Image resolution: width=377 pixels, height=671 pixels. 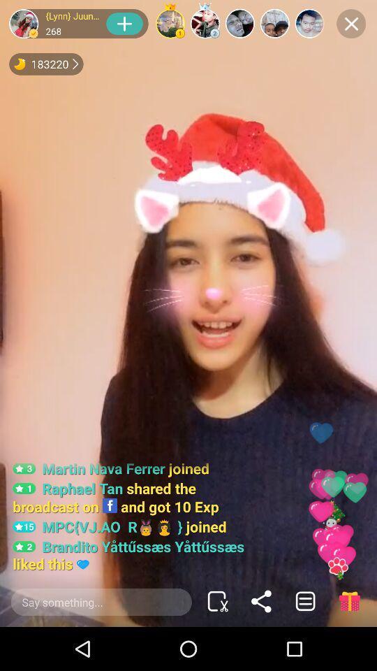 What do you see at coordinates (350, 23) in the screenshot?
I see `the close icon` at bounding box center [350, 23].